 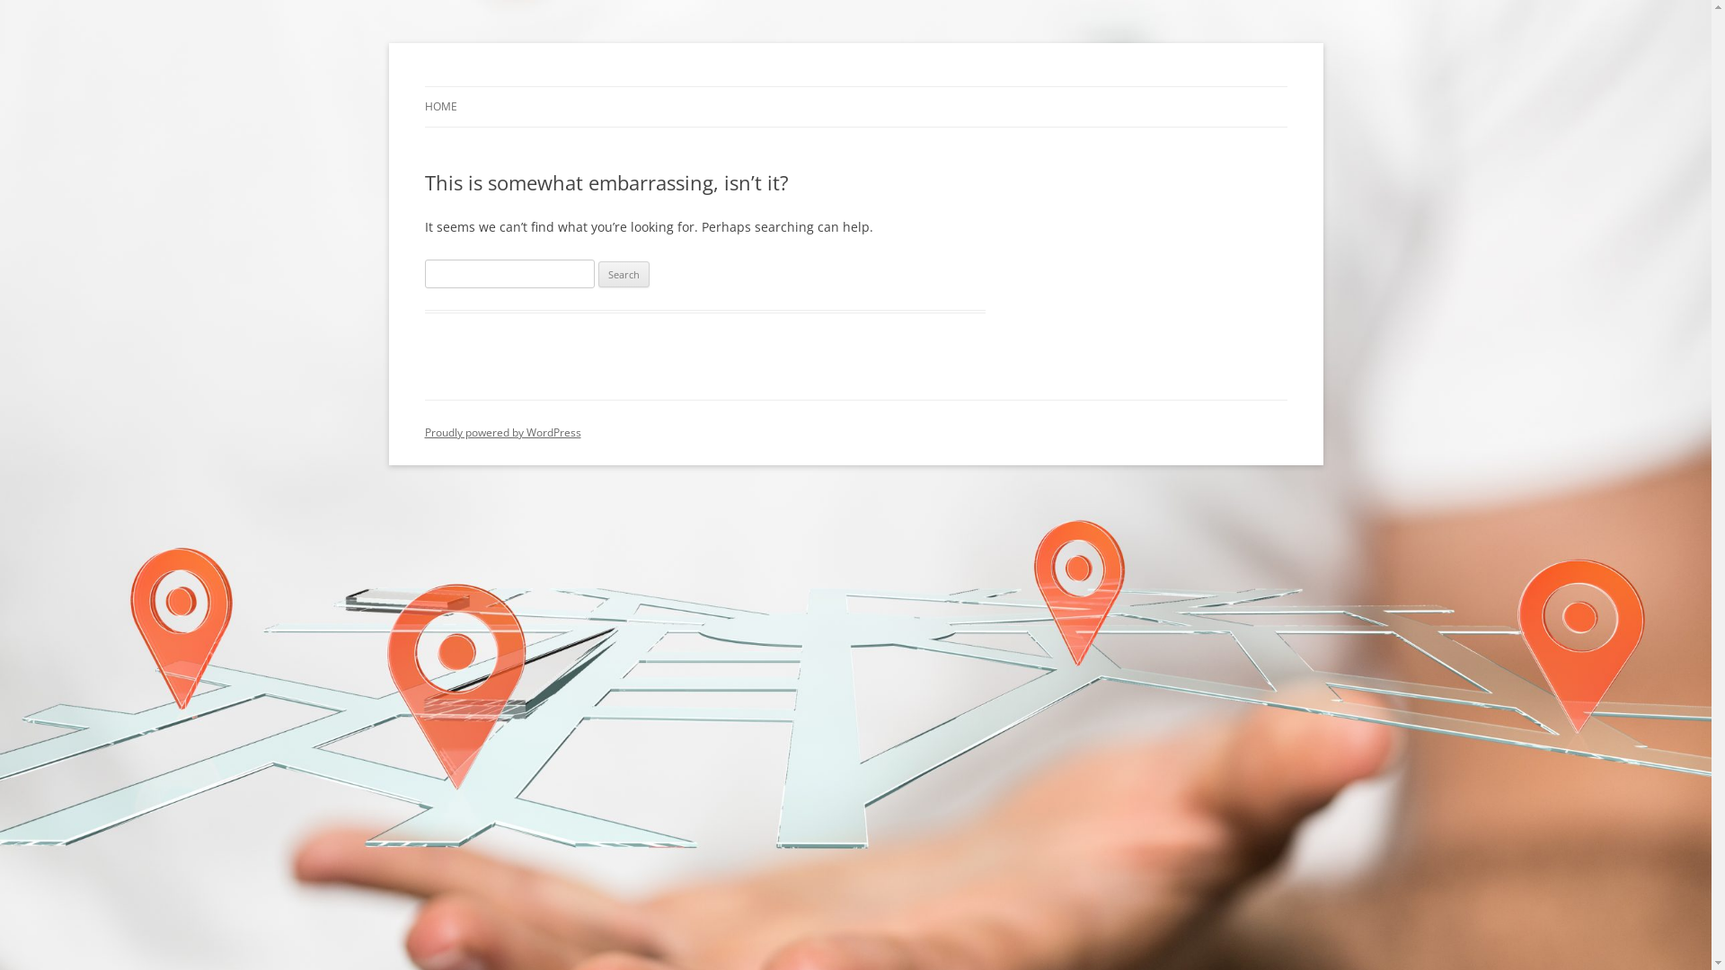 What do you see at coordinates (422, 107) in the screenshot?
I see `'HOME'` at bounding box center [422, 107].